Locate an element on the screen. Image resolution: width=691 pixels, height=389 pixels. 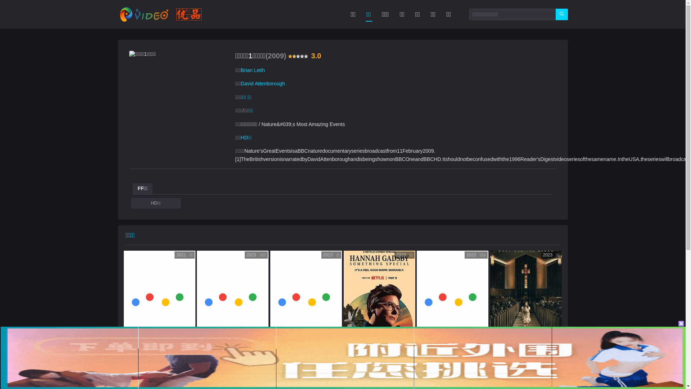
'David Attenborough' is located at coordinates (262, 83).